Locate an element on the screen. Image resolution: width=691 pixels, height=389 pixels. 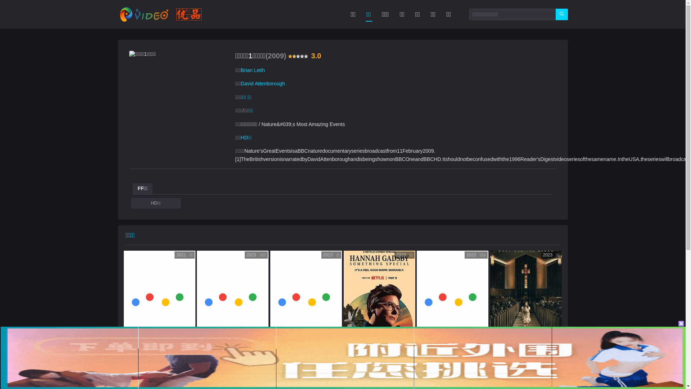
'David Attenborough' is located at coordinates (262, 83).